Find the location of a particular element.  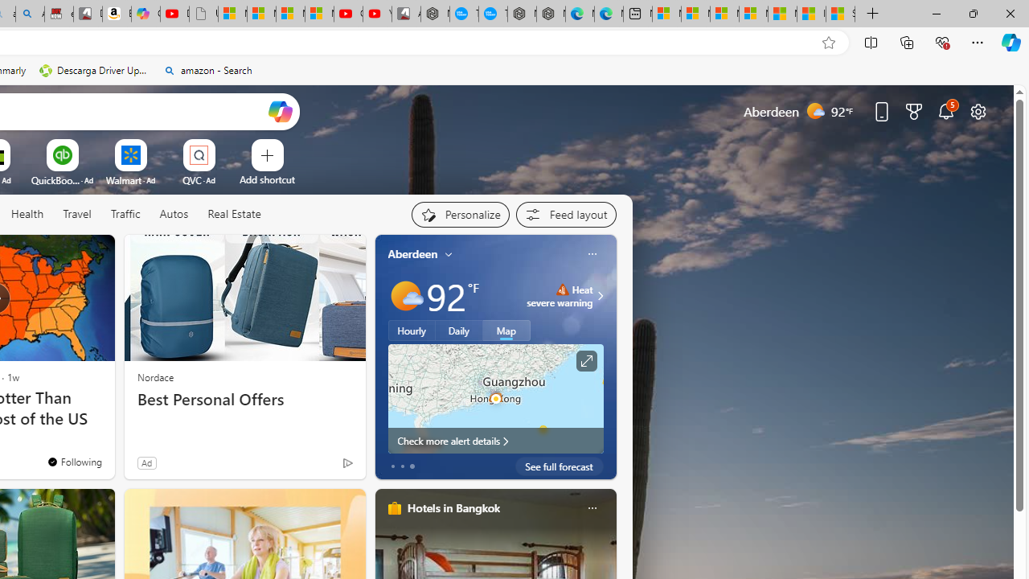

'Ad Choice' is located at coordinates (346, 462).